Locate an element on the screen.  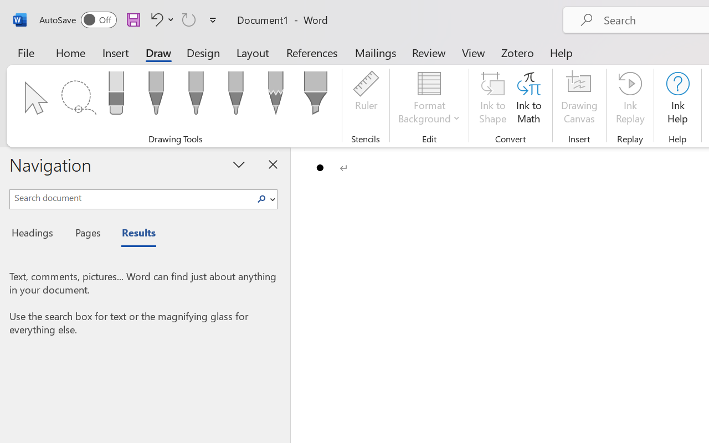
'Pages' is located at coordinates (86, 234).